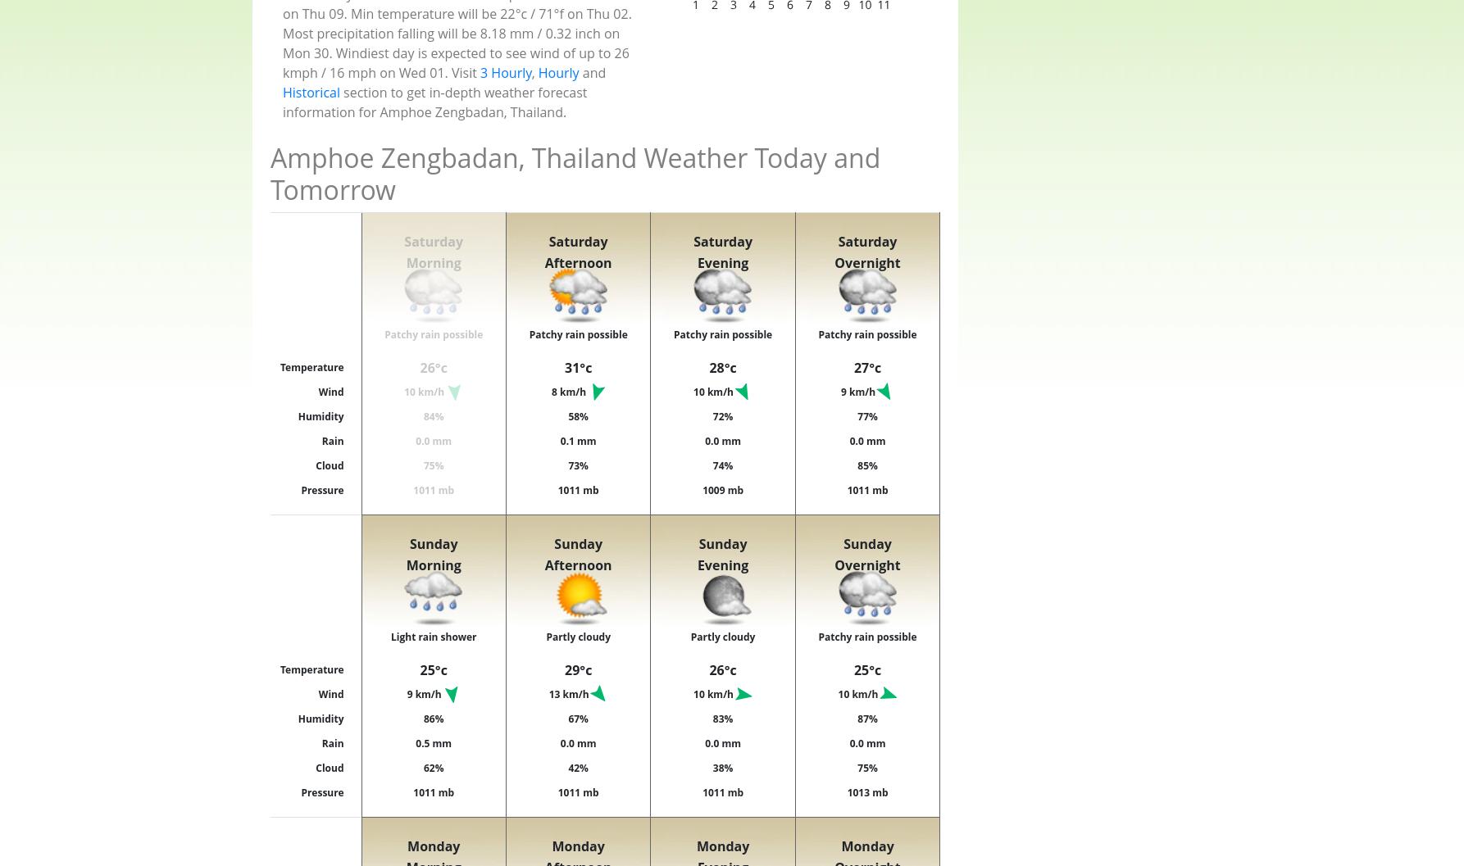 The image size is (1464, 866). What do you see at coordinates (579, 71) in the screenshot?
I see `'and'` at bounding box center [579, 71].